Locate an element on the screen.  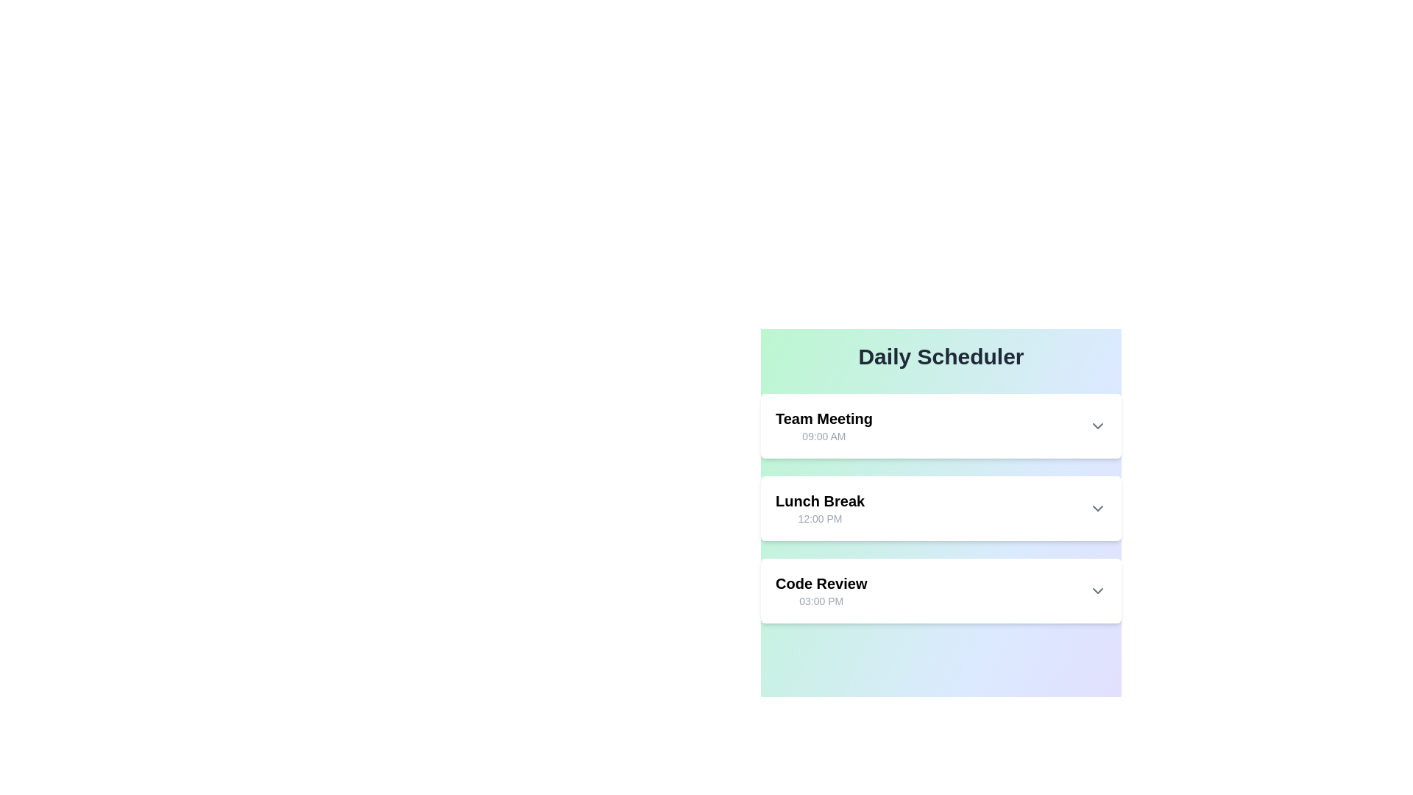
the 'Lunch Break' scheduled item is located at coordinates (940, 507).